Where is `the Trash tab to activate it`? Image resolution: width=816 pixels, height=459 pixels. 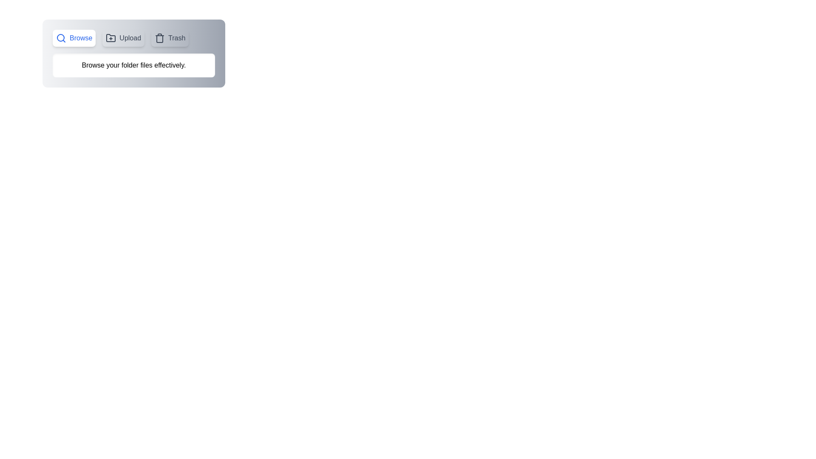
the Trash tab to activate it is located at coordinates (170, 37).